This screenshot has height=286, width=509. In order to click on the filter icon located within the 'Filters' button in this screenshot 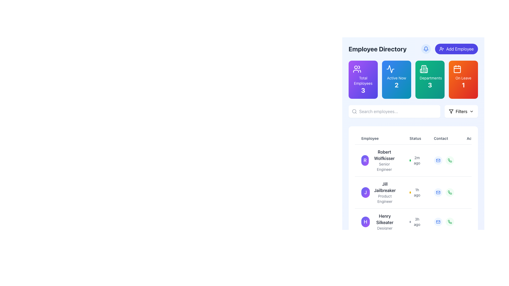, I will do `click(451, 111)`.